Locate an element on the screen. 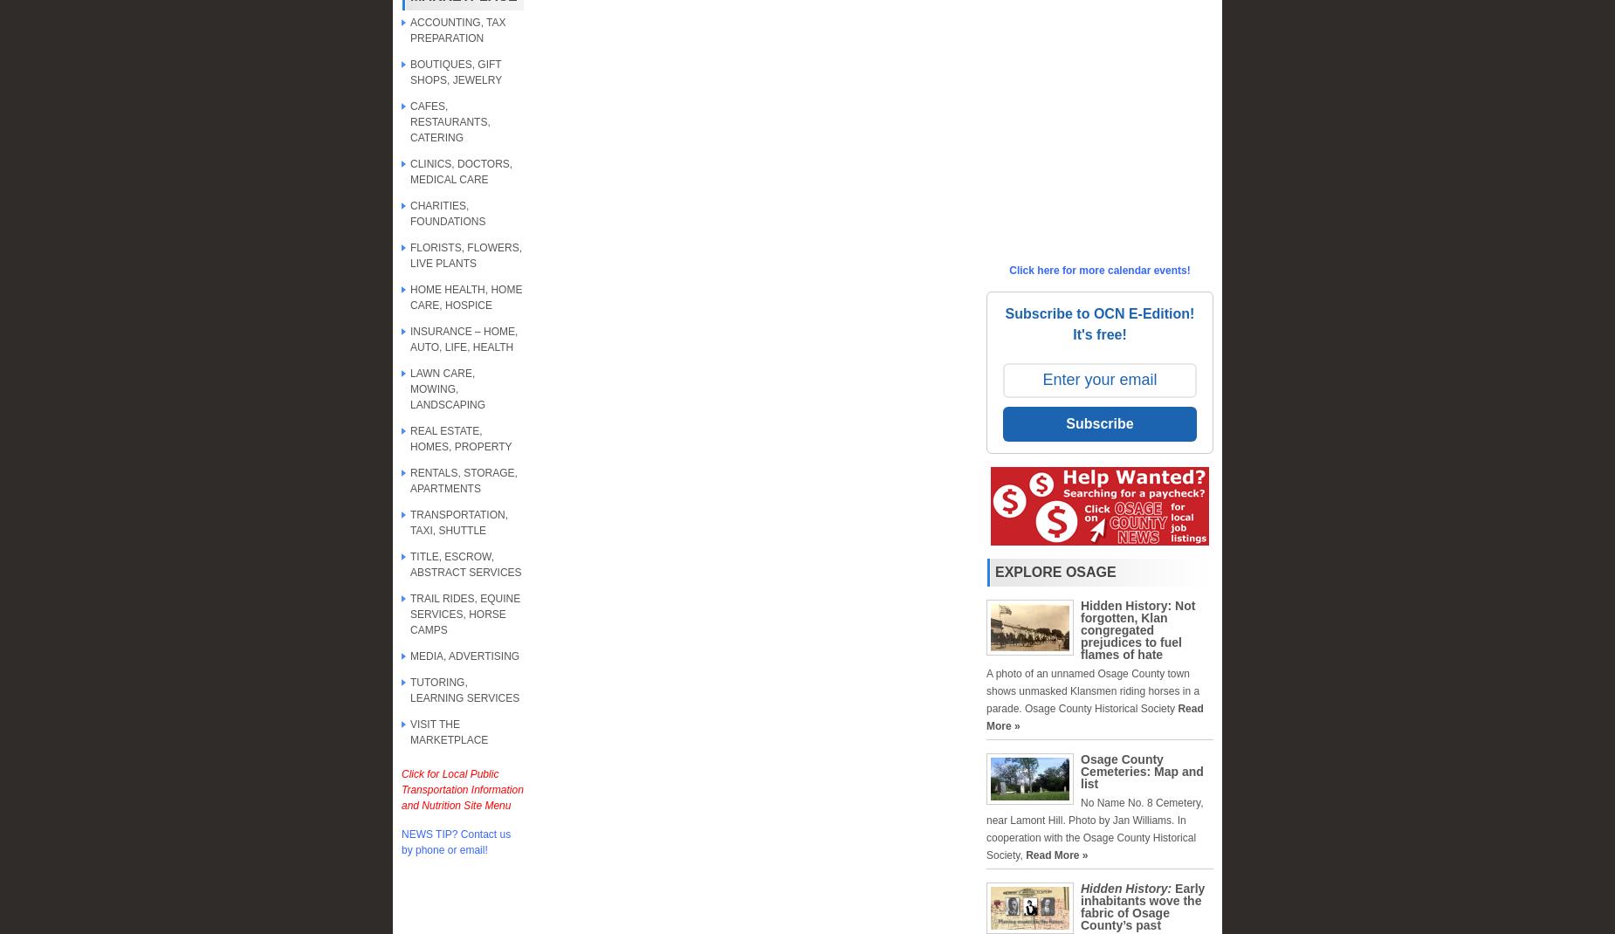 The image size is (1615, 934). 'LAWN CARE, MOWING, LANDSCAPING' is located at coordinates (448, 388).